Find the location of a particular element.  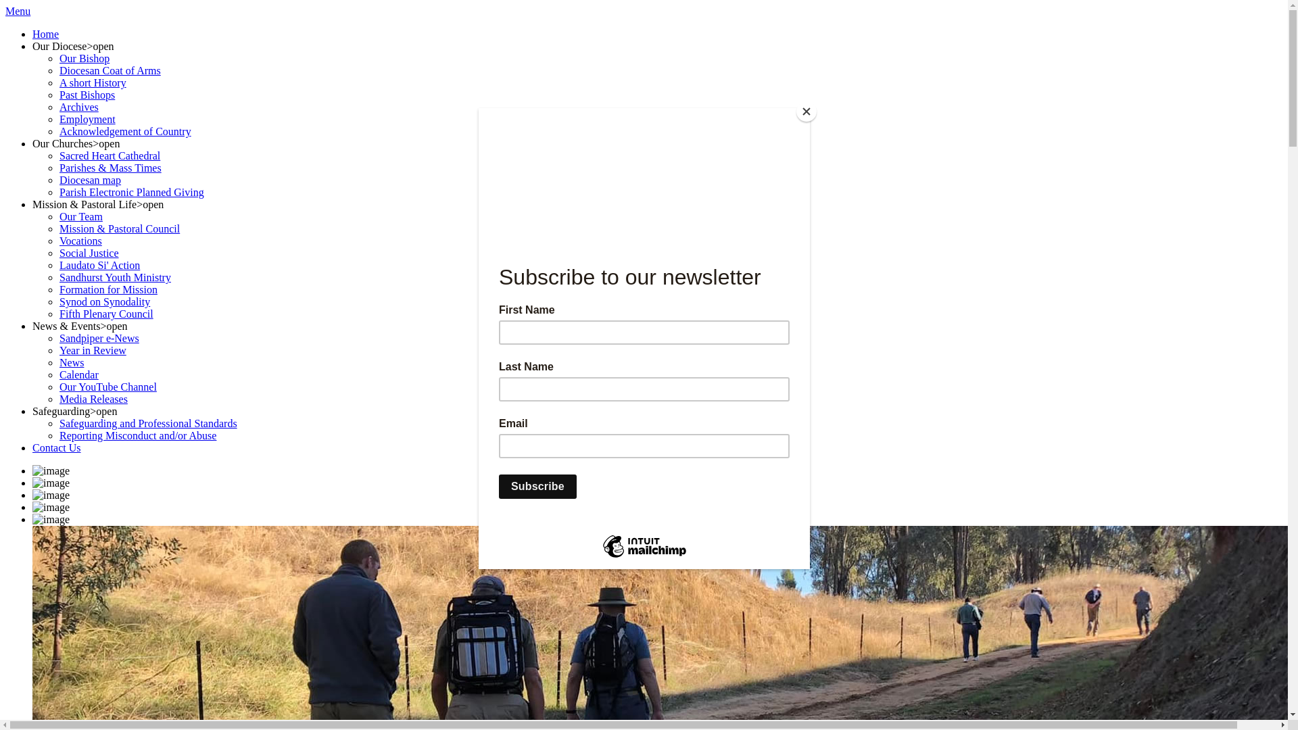

'Sacred Heart Cathedral' is located at coordinates (110, 155).